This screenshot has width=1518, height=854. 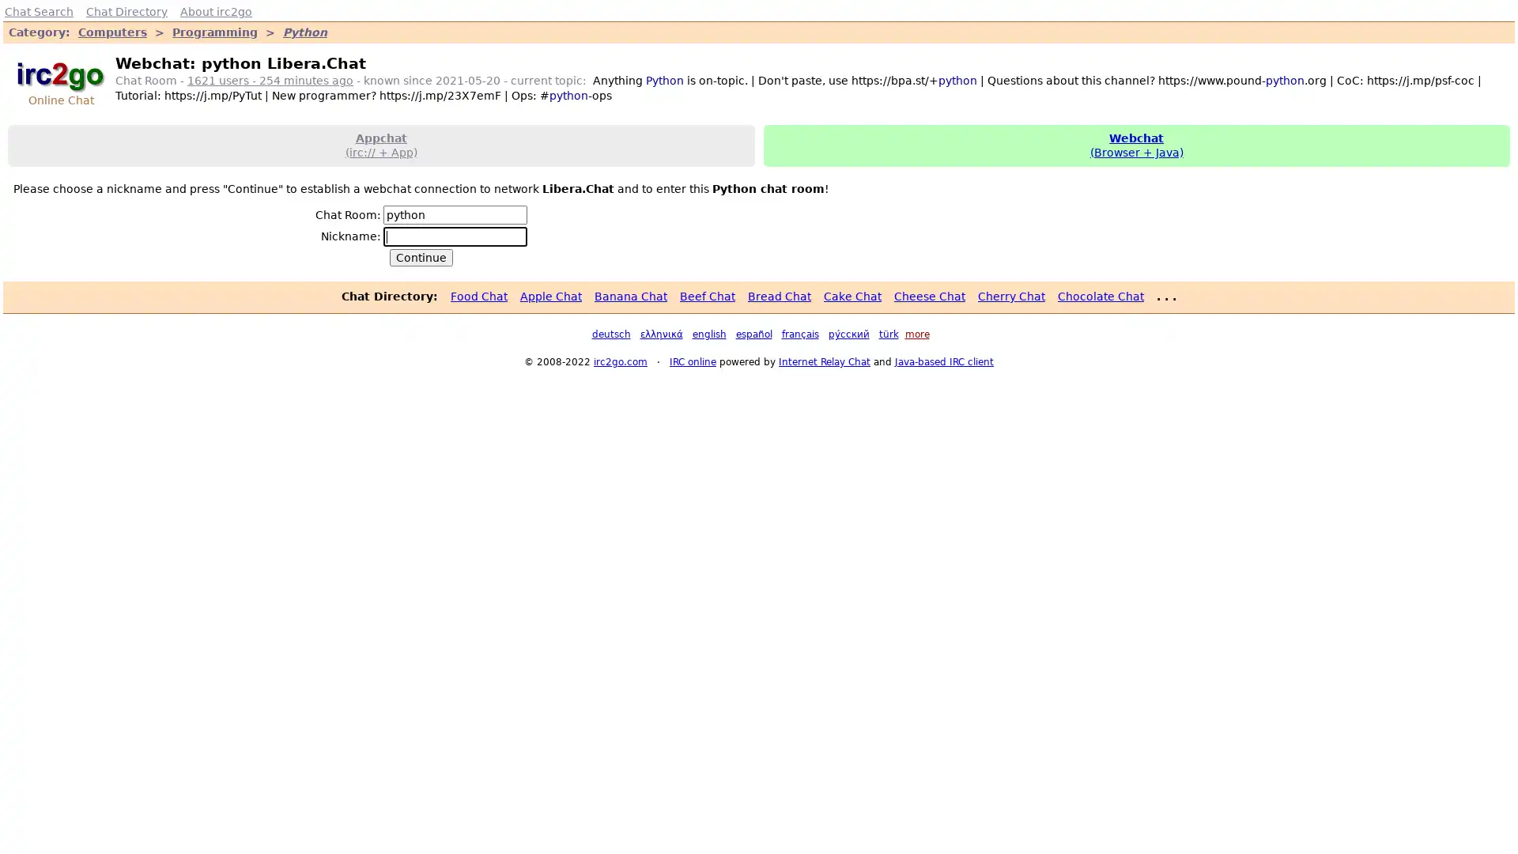 What do you see at coordinates (421, 255) in the screenshot?
I see `Continue` at bounding box center [421, 255].